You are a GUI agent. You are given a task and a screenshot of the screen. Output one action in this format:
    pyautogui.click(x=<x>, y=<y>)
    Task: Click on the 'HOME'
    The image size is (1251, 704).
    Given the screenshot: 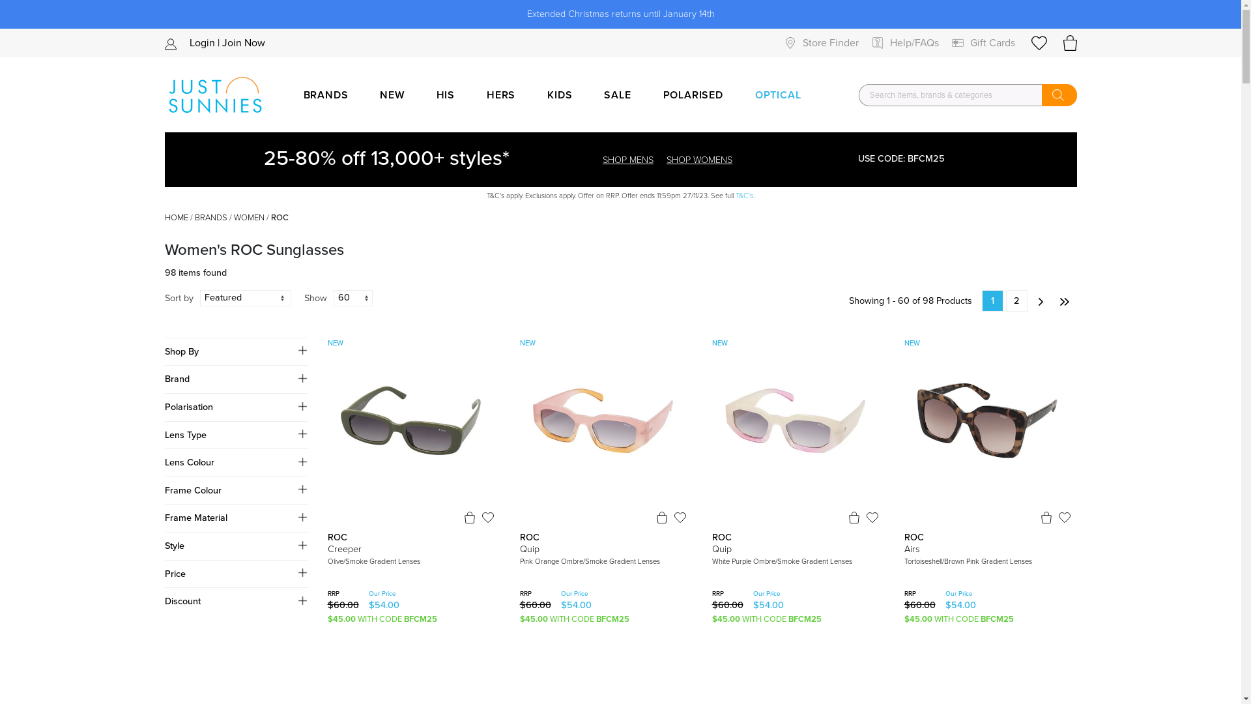 What is the action you would take?
    pyautogui.click(x=175, y=216)
    